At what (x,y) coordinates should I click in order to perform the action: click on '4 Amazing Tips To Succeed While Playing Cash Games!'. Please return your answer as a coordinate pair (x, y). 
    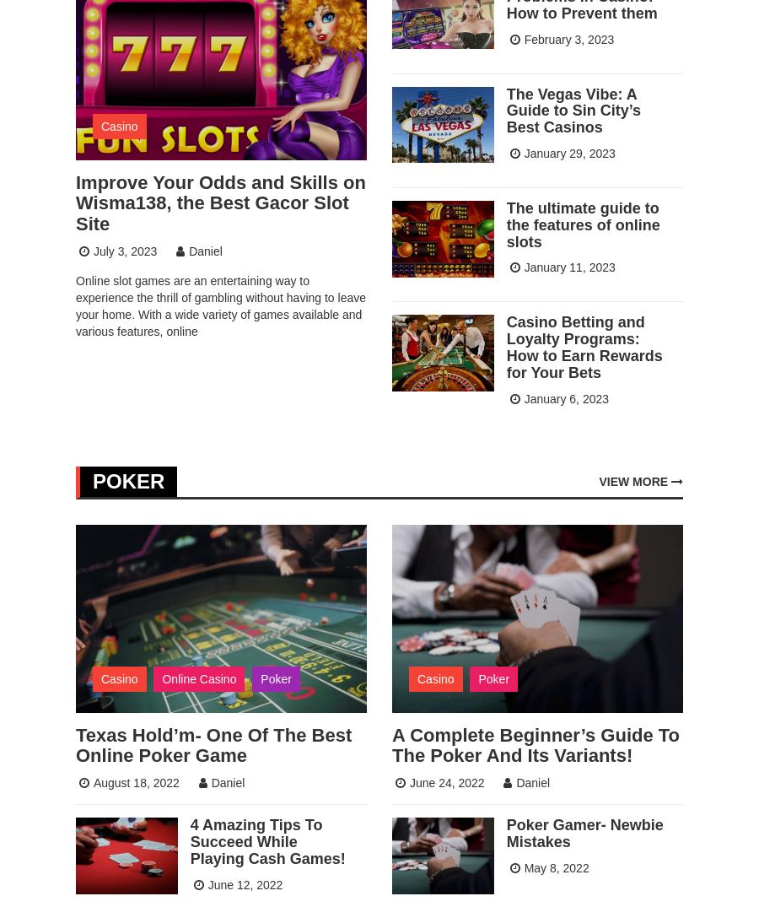
    Looking at the image, I should click on (266, 840).